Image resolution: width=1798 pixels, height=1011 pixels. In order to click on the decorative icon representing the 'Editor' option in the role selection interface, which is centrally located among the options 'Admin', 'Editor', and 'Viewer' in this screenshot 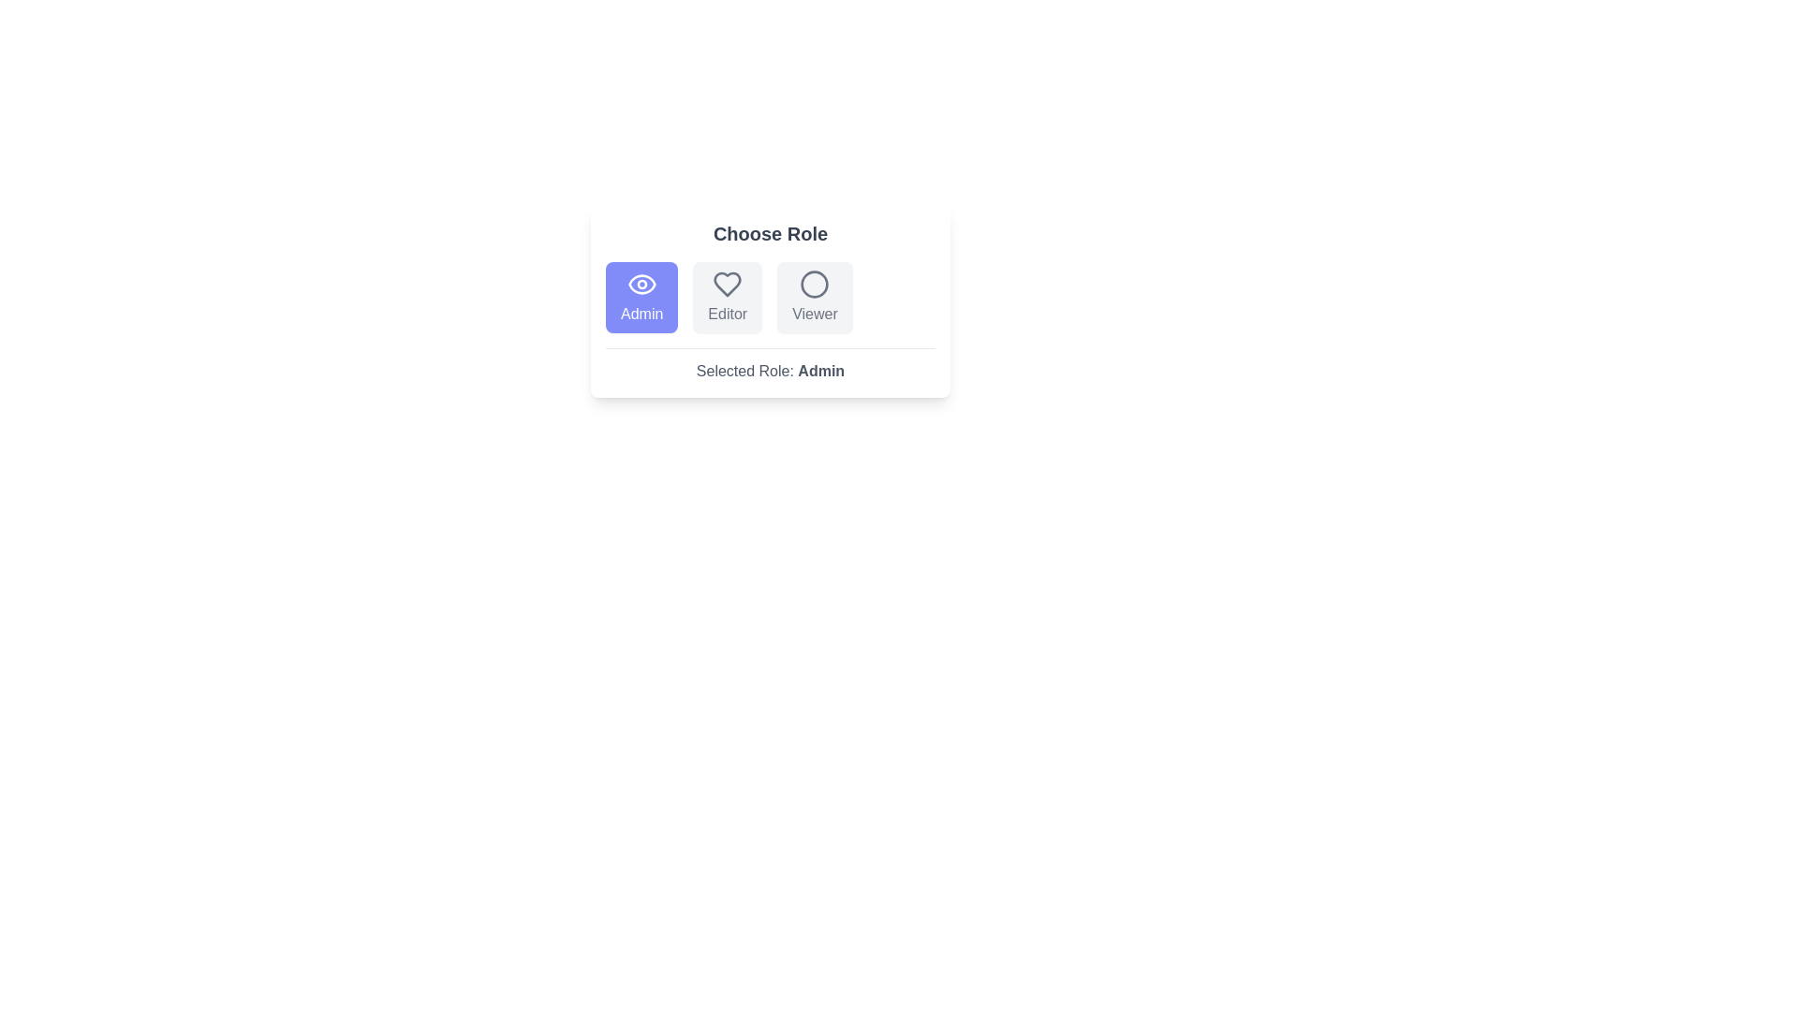, I will do `click(727, 285)`.